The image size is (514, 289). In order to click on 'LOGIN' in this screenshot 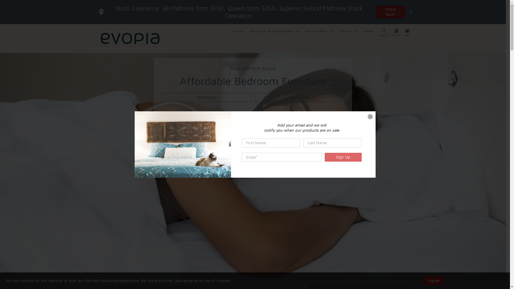, I will do `click(396, 38)`.